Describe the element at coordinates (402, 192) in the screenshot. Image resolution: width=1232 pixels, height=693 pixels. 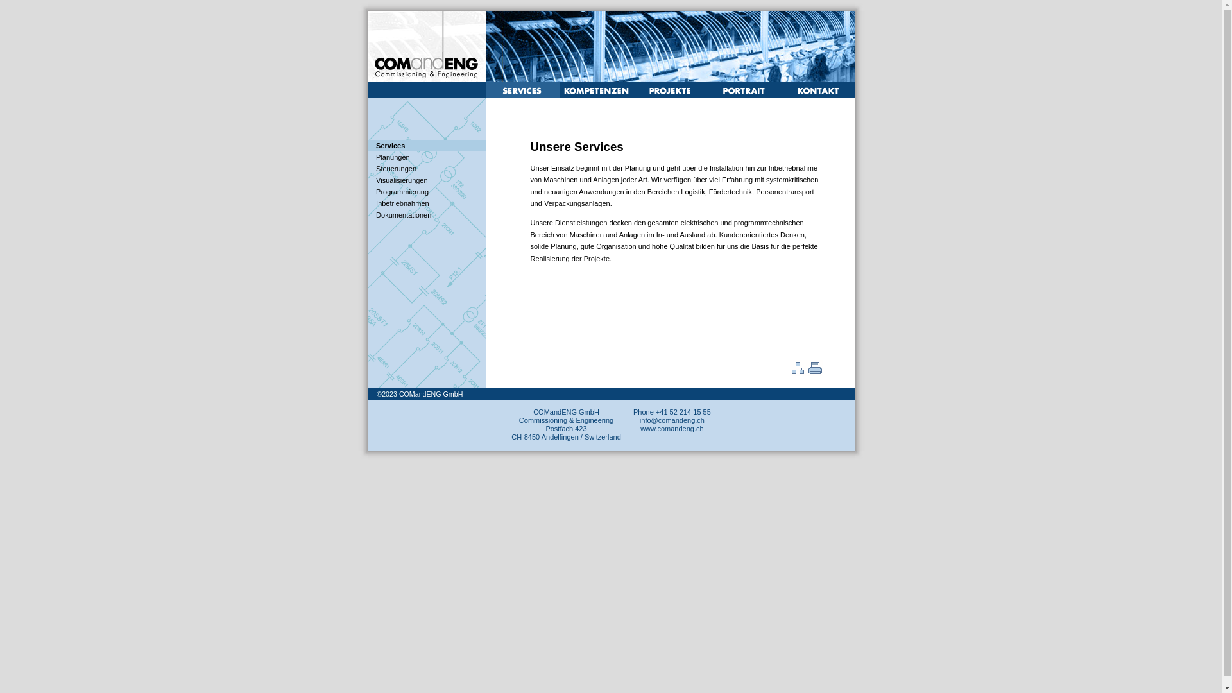
I see `'Programmierung'` at that location.